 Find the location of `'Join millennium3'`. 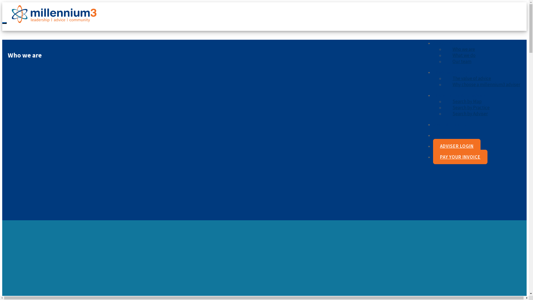

'Join millennium3' is located at coordinates (450, 124).